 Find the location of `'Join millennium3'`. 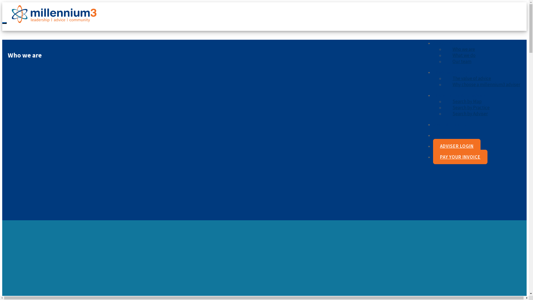

'Join millennium3' is located at coordinates (450, 124).